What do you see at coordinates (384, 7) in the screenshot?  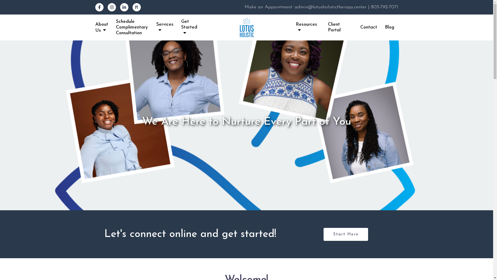 I see `'803-792-7071'` at bounding box center [384, 7].